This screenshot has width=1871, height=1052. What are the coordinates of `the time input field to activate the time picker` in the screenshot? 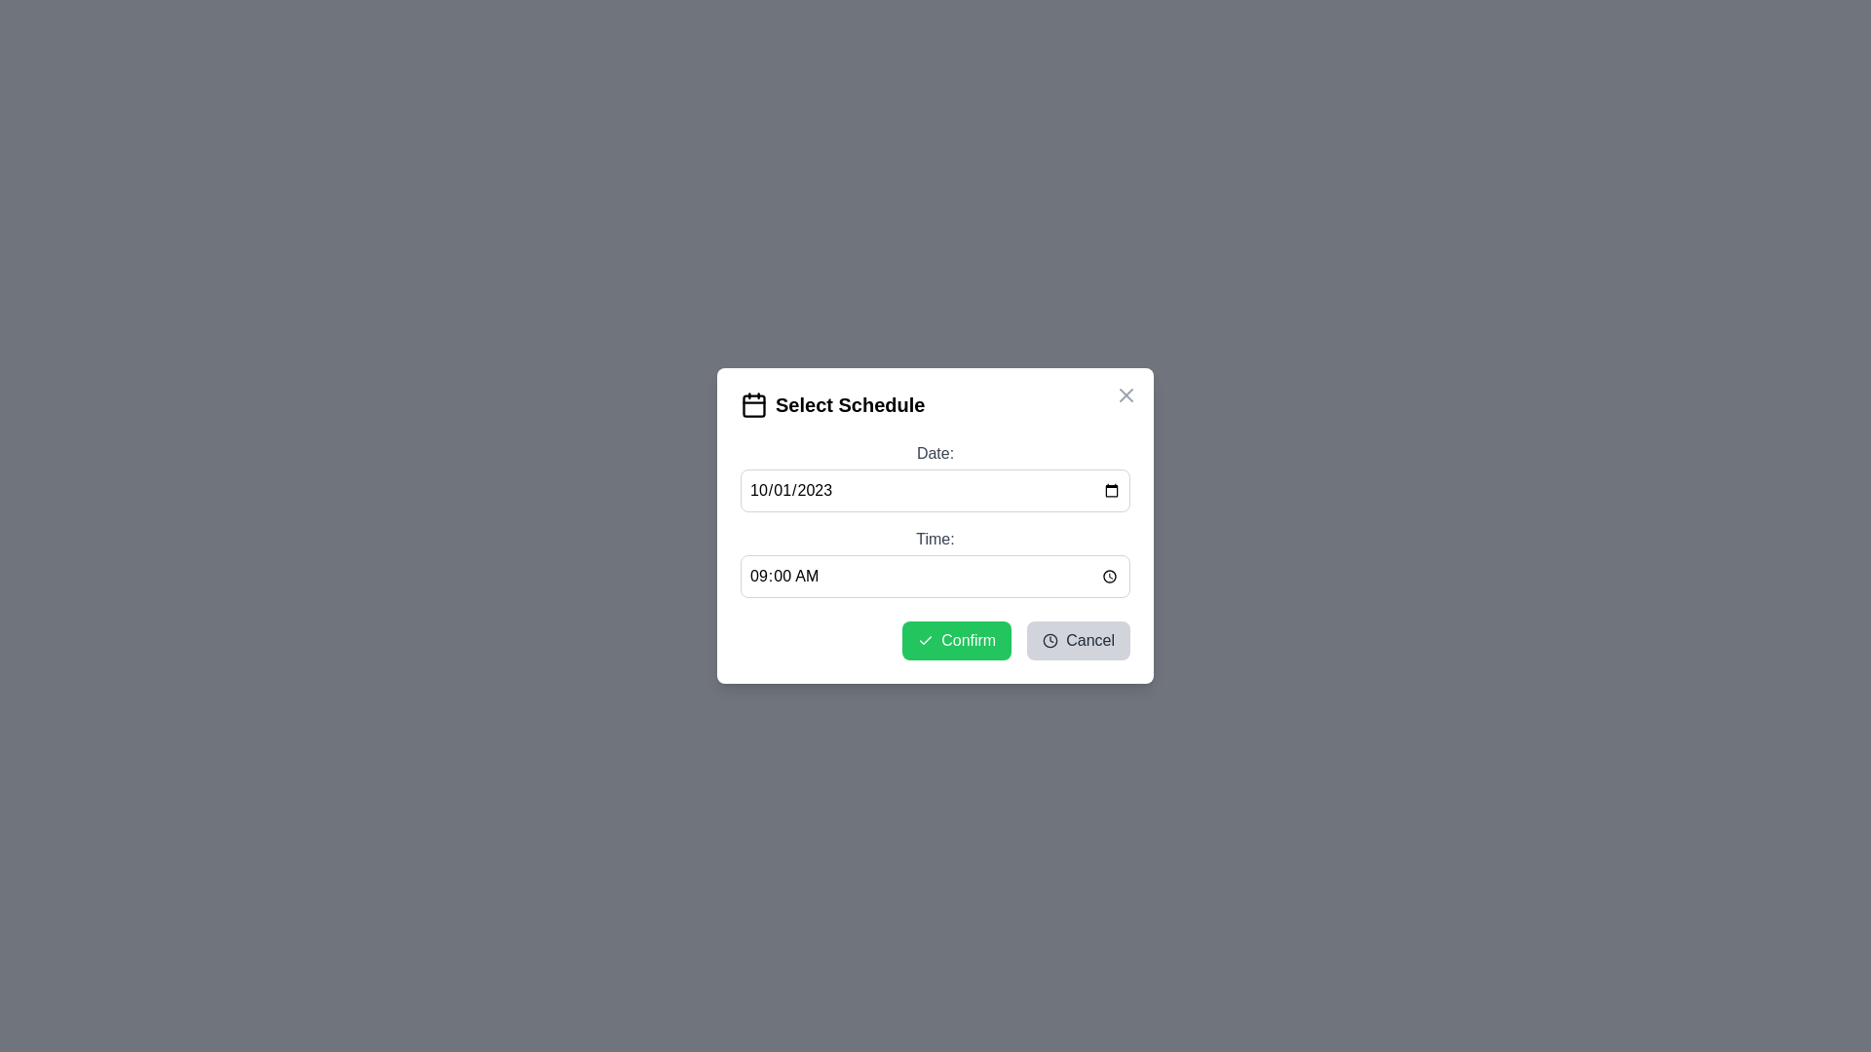 It's located at (935, 575).